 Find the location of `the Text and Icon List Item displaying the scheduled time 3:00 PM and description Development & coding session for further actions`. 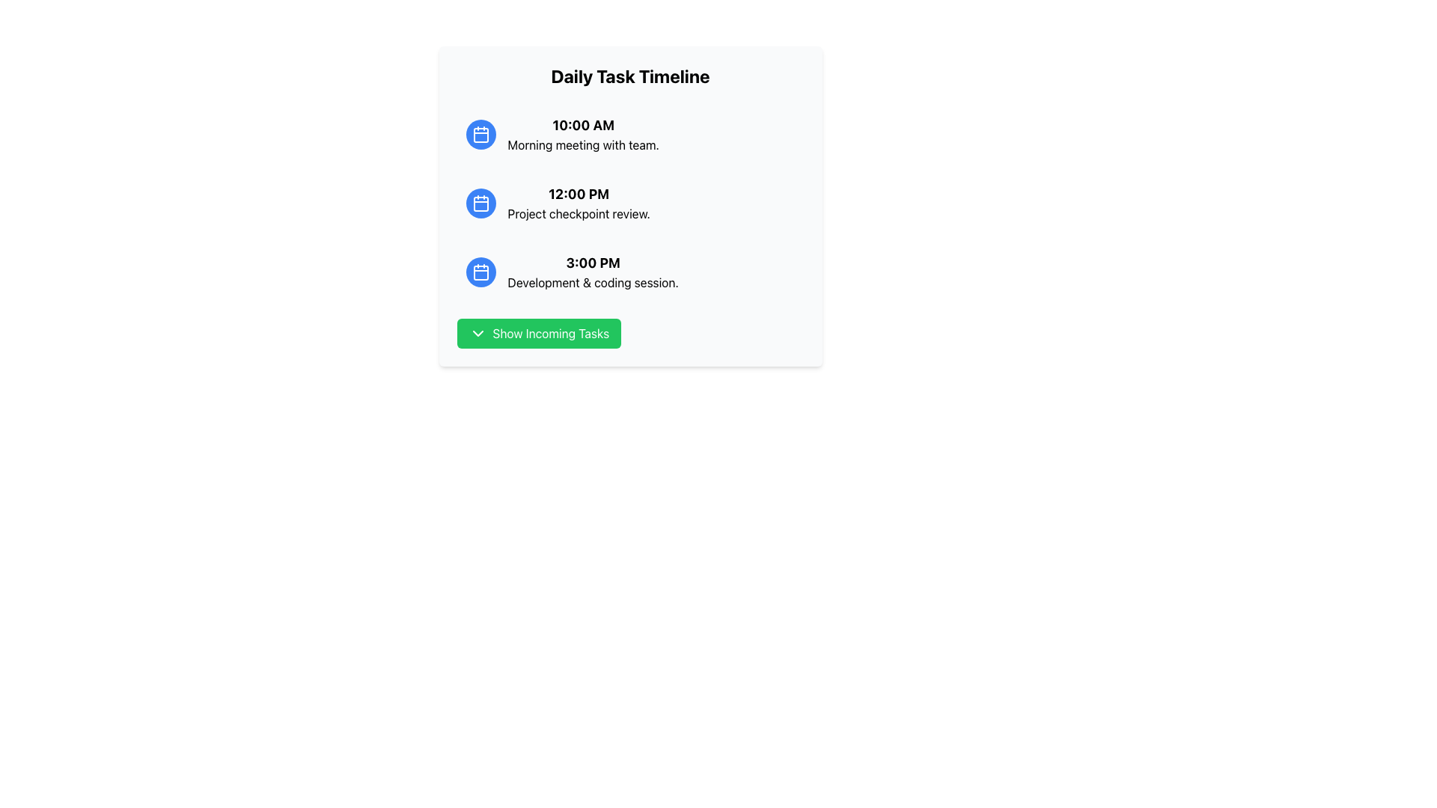

the Text and Icon List Item displaying the scheduled time 3:00 PM and description Development & coding session for further actions is located at coordinates (630, 272).